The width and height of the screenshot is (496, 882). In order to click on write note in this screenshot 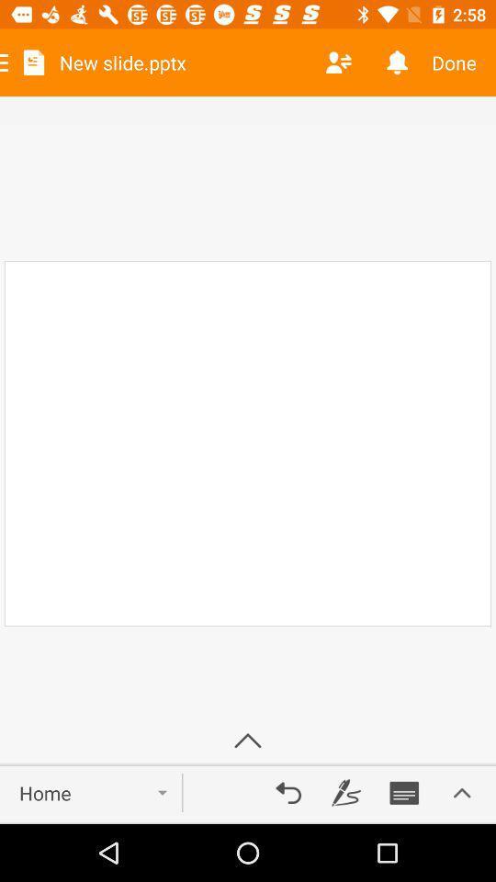, I will do `click(346, 792)`.